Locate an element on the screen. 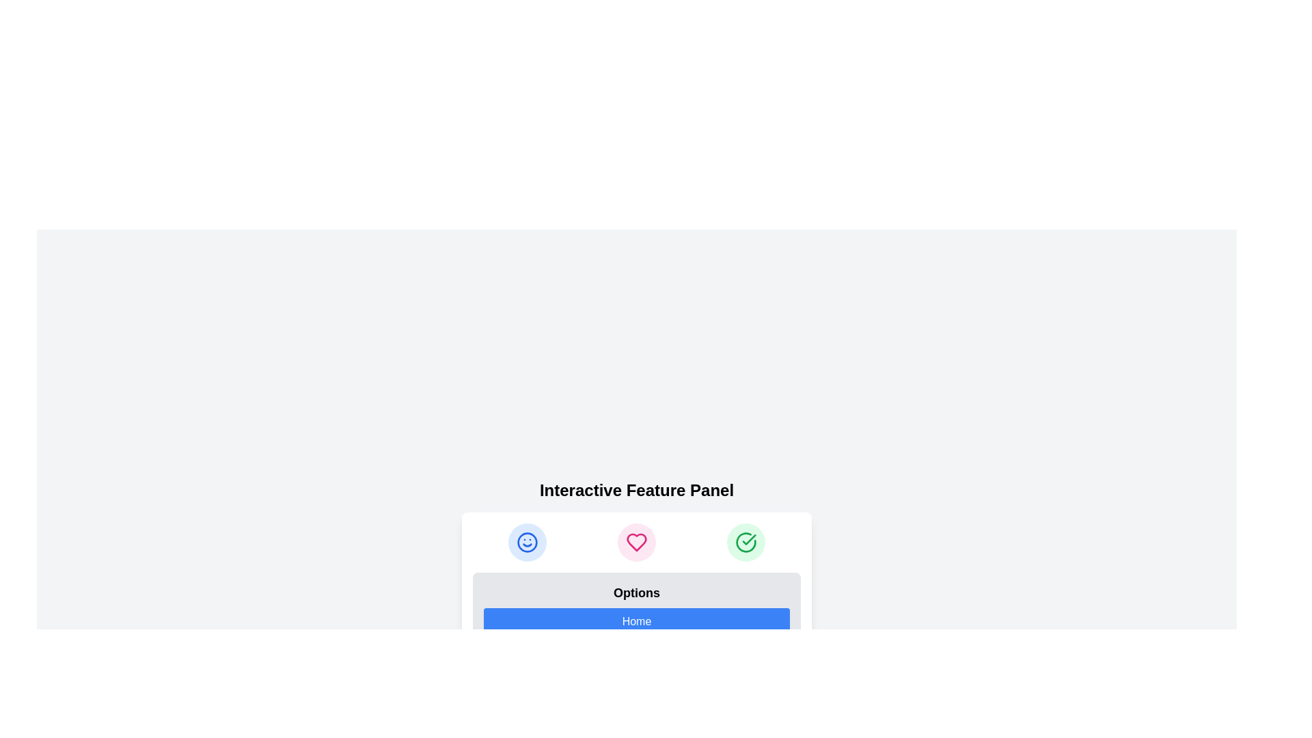  the green checkmark icon with a circular shape, located at the rightmost position in the series of three icons below 'Interactive Feature Panel' and above 'Options' is located at coordinates (745, 542).